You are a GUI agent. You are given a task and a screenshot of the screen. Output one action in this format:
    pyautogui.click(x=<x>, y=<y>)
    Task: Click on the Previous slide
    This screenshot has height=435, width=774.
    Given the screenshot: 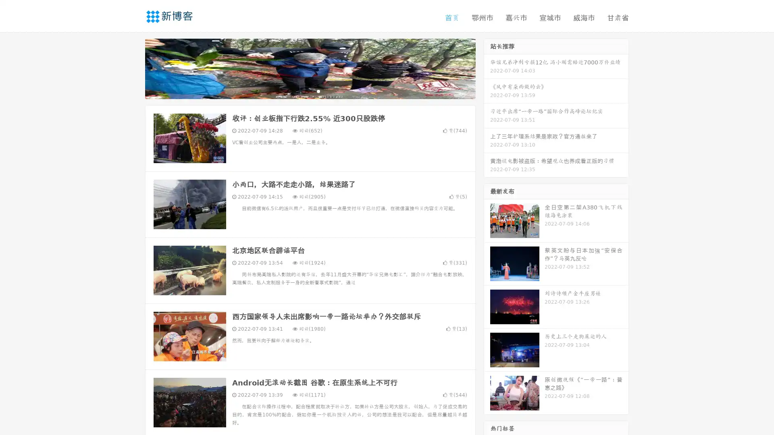 What is the action you would take?
    pyautogui.click(x=133, y=68)
    